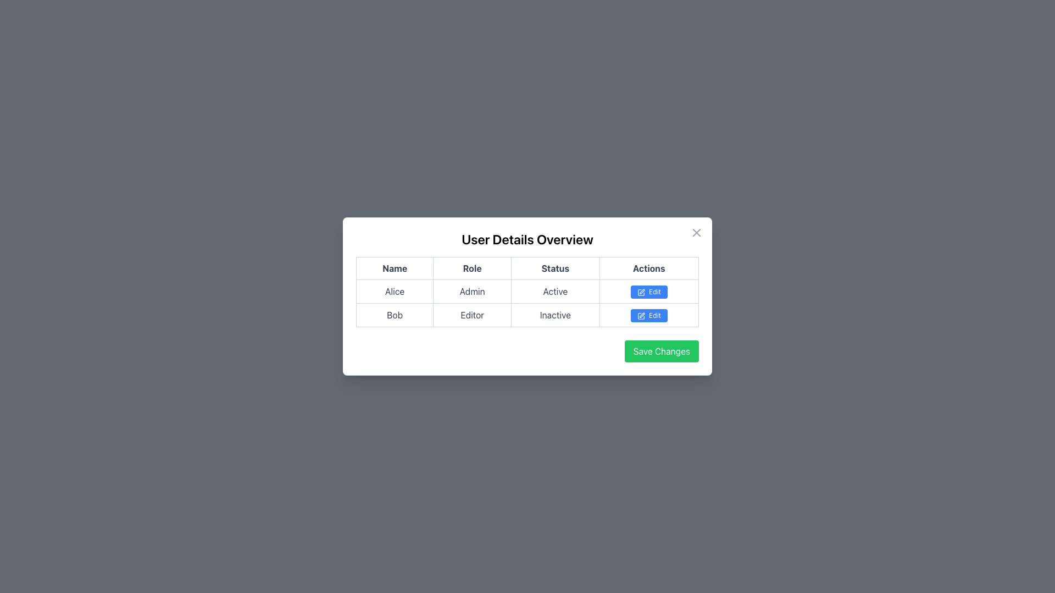  Describe the element at coordinates (395, 315) in the screenshot. I see `the Text Display element that shows the user's name 'Bob' in the User Details Overview table, located in the second row, first column` at that location.